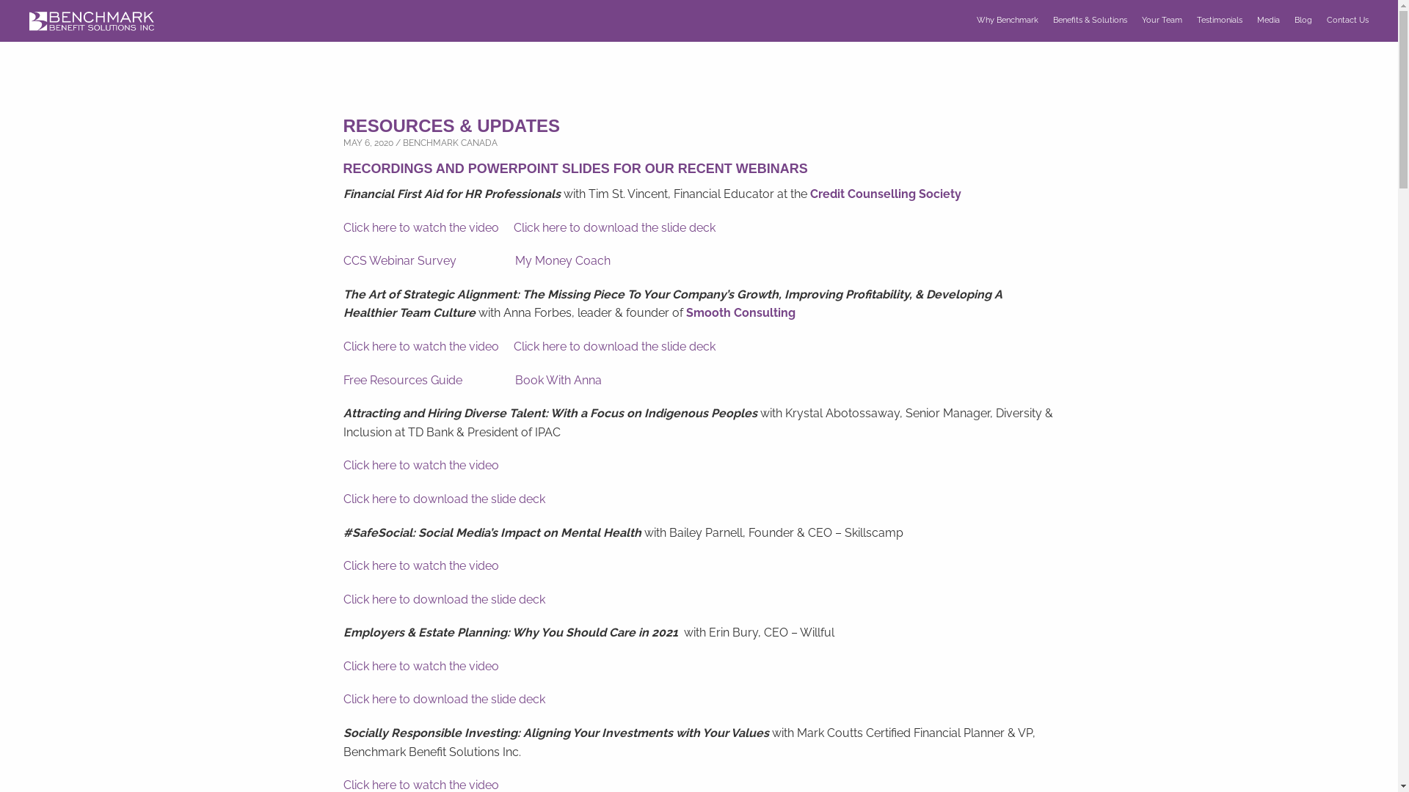  What do you see at coordinates (884, 193) in the screenshot?
I see `'Credit Counselling Society'` at bounding box center [884, 193].